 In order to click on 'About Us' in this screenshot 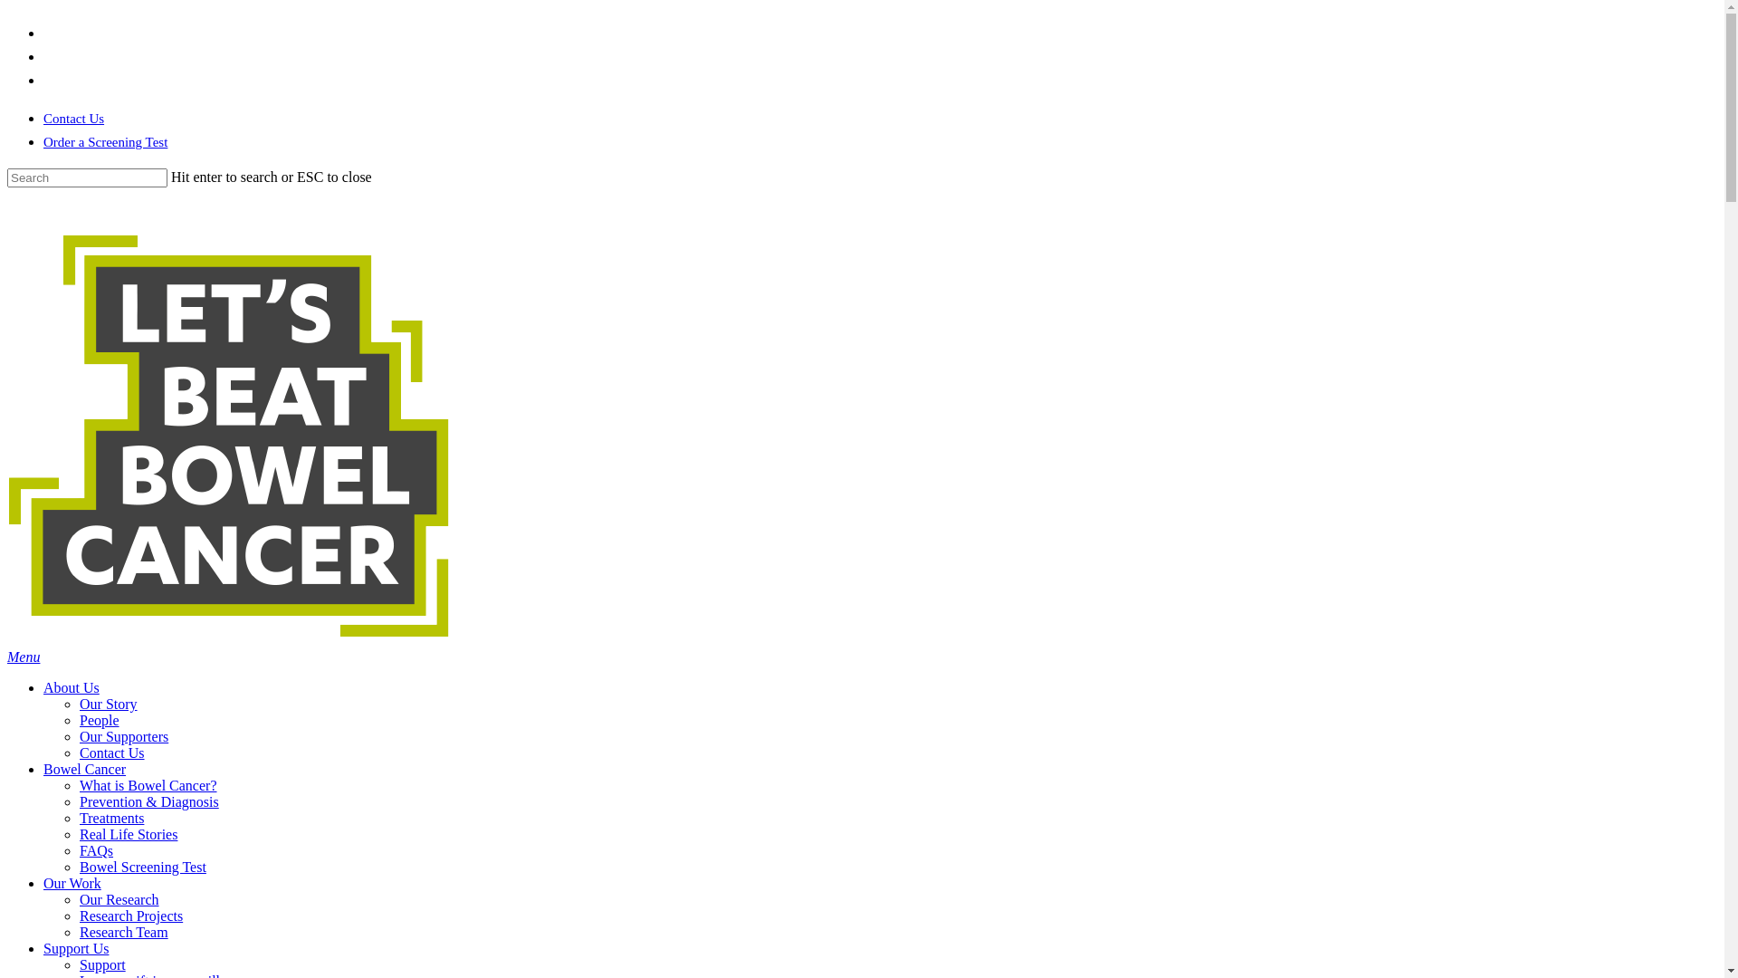, I will do `click(71, 687)`.